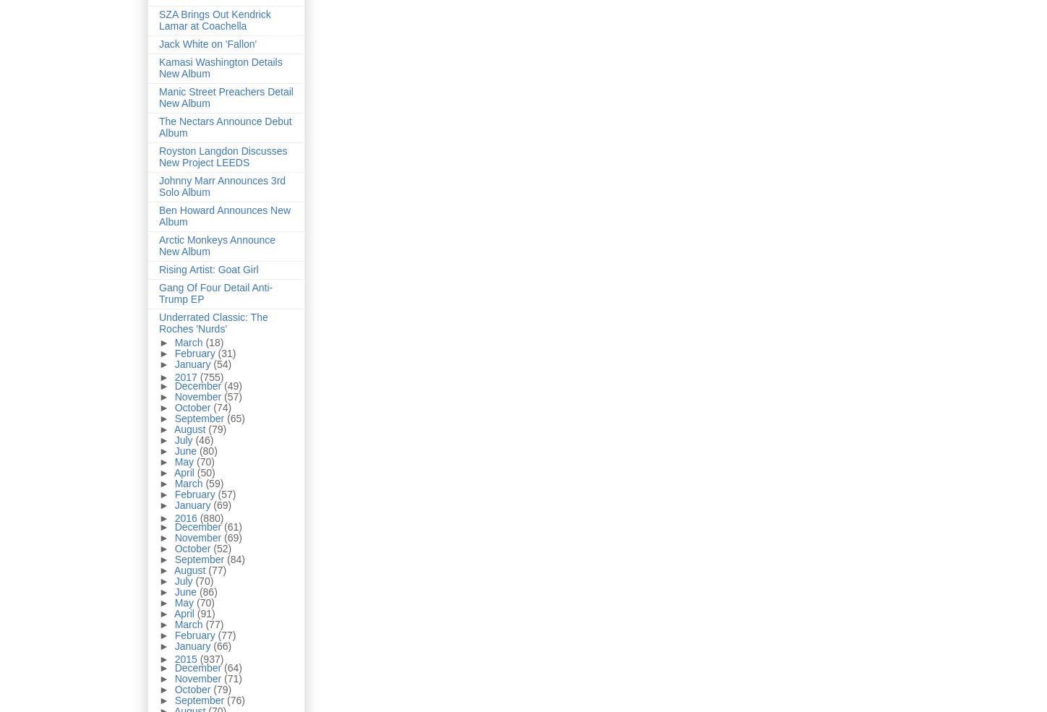 Image resolution: width=1047 pixels, height=712 pixels. I want to click on 'Rising Artist: Goat Girl', so click(208, 270).